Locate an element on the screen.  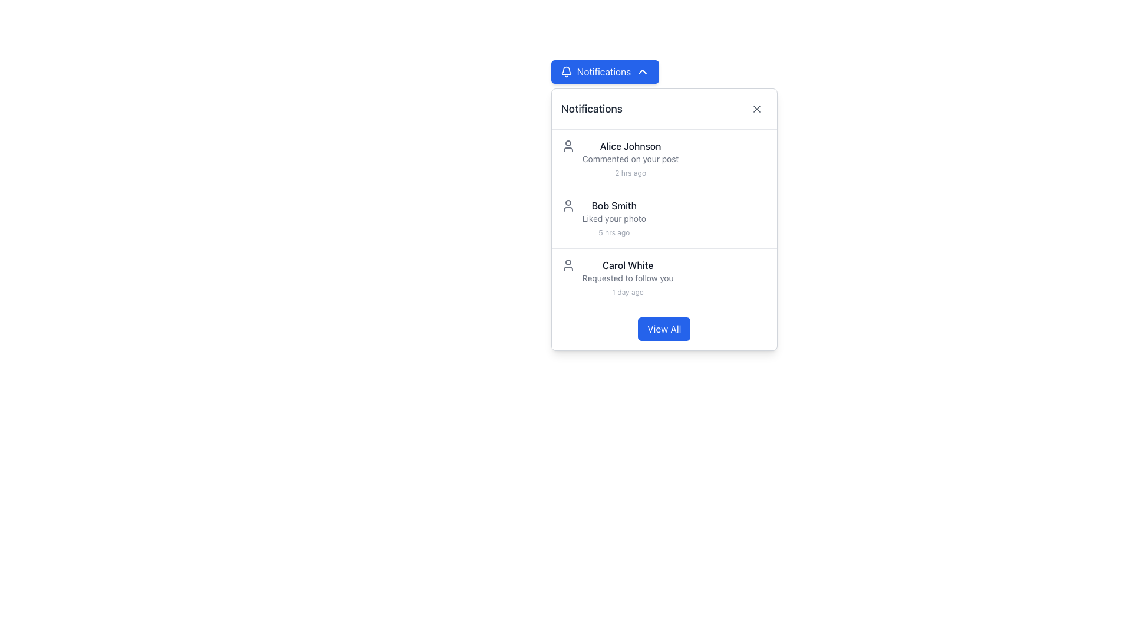
the small, cross-shaped grey SVG icon located inside the notification dropdown menu, near the top-right corner adjacent to the title 'Notifications' is located at coordinates (756, 109).